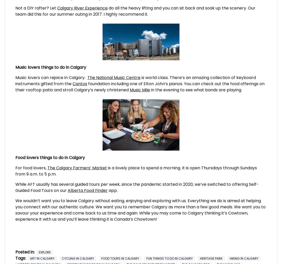 The height and width of the screenshot is (264, 282). What do you see at coordinates (140, 90) in the screenshot?
I see `'Music Mile'` at bounding box center [140, 90].